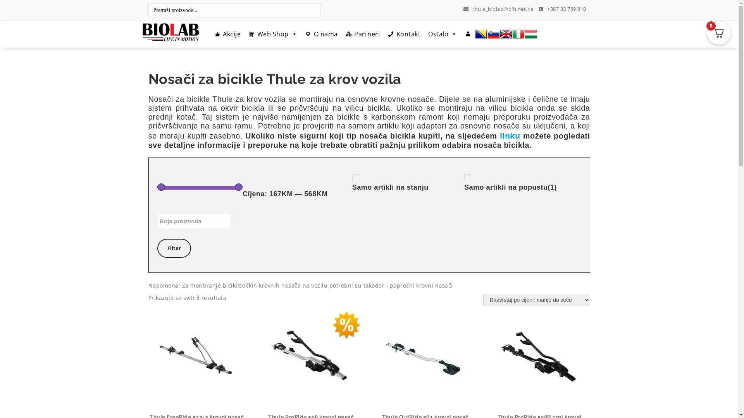 This screenshot has width=744, height=418. I want to click on 'Kontakt', so click(403, 34).